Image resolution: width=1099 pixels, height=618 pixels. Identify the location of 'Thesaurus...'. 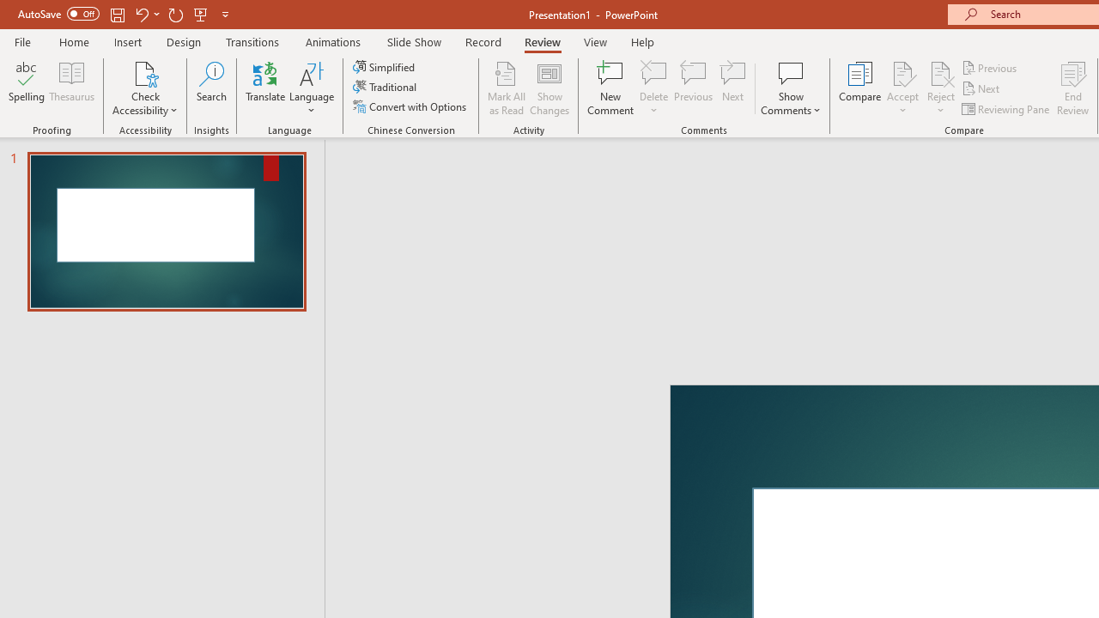
(70, 88).